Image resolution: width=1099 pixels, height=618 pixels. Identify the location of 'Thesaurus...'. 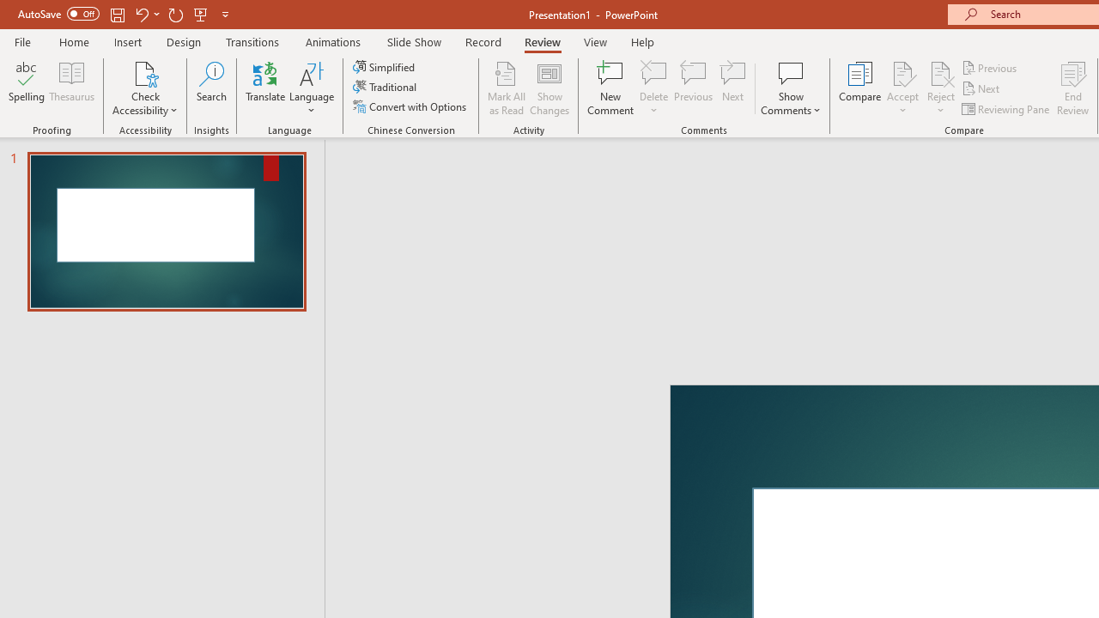
(70, 88).